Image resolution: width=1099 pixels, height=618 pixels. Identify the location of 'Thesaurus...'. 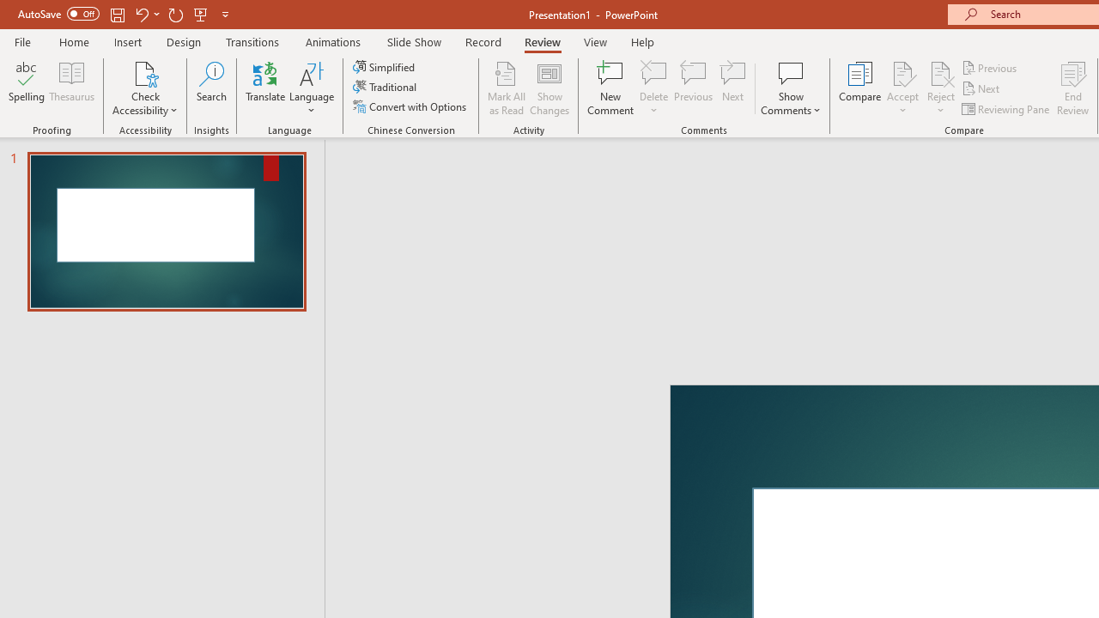
(70, 88).